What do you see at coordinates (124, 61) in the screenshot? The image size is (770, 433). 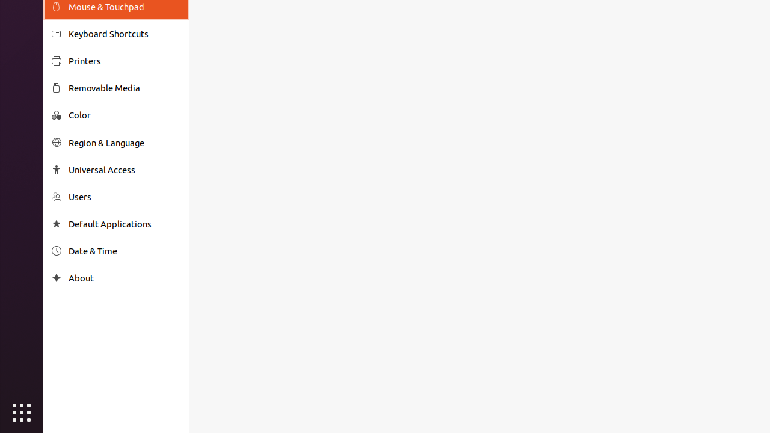 I see `'Printers'` at bounding box center [124, 61].